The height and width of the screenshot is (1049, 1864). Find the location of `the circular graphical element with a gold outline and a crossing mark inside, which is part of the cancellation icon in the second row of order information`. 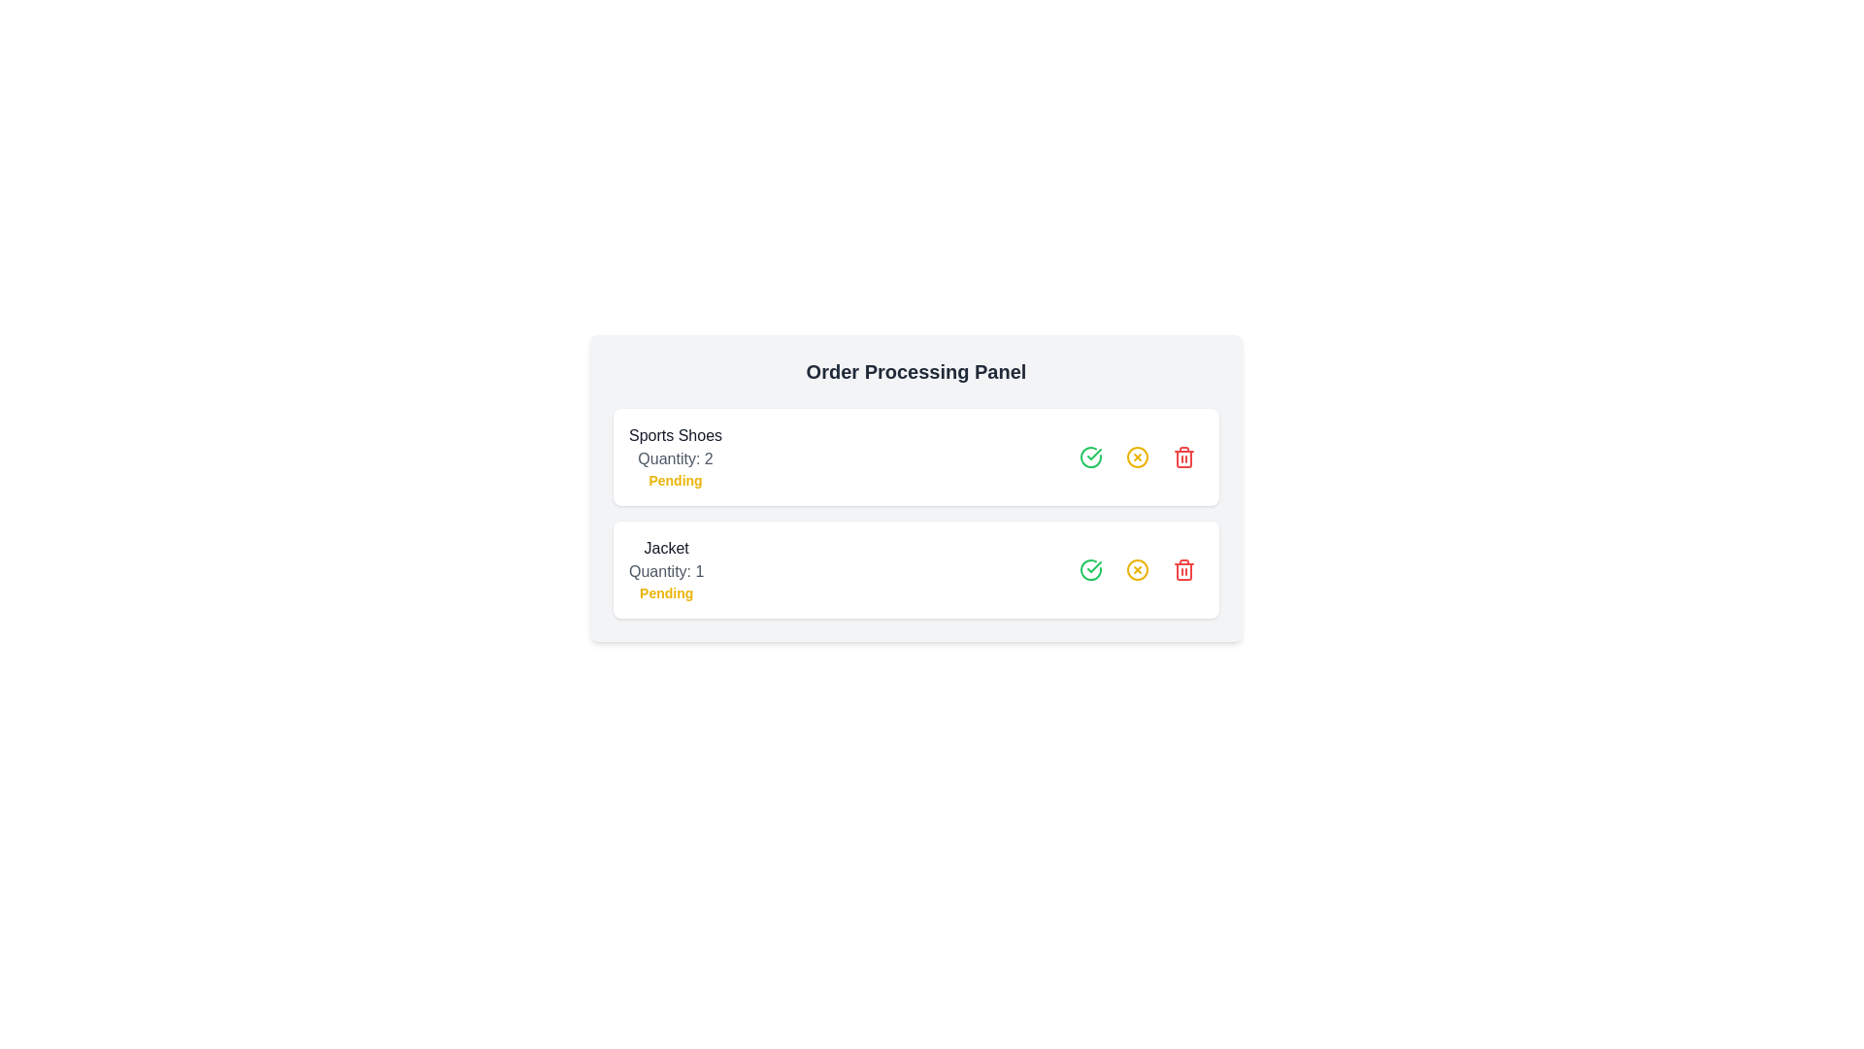

the circular graphical element with a gold outline and a crossing mark inside, which is part of the cancellation icon in the second row of order information is located at coordinates (1137, 568).